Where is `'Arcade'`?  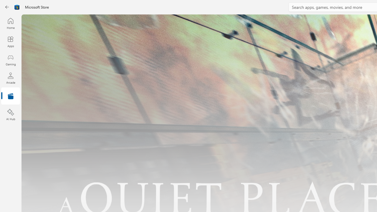 'Arcade' is located at coordinates (10, 78).